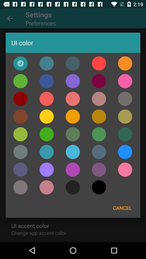  Describe the element at coordinates (125, 169) in the screenshot. I see `ui color` at that location.